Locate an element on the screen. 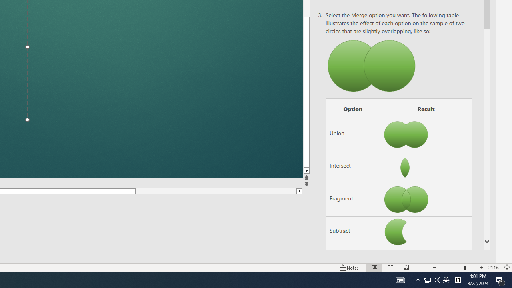 The height and width of the screenshot is (288, 512). 'User Promoted Notification Area' is located at coordinates (446, 279).